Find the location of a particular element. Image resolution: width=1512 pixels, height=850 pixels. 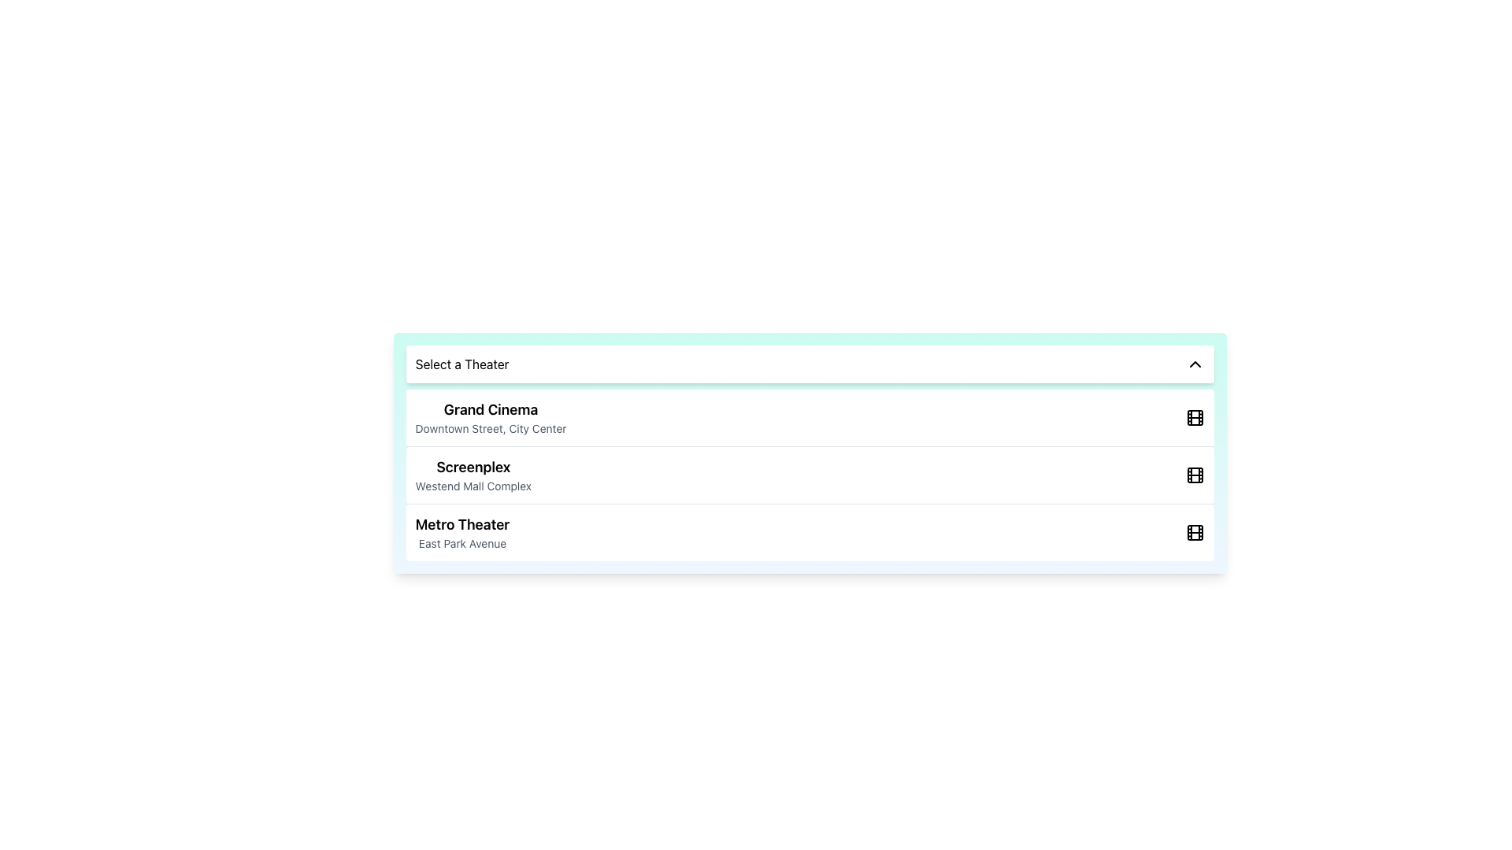

the decorative filmstrip icon located to the right of the 'Metro Theater' in the dropdown list is located at coordinates (1195, 532).